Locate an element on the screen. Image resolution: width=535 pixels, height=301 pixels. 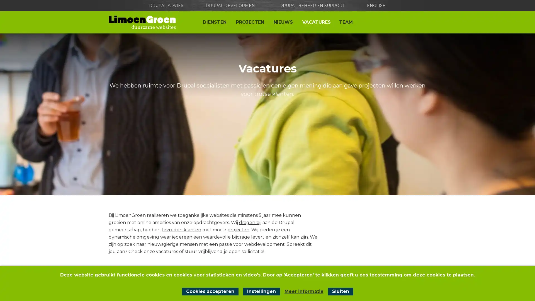
Cookies accepteren is located at coordinates (210, 291).